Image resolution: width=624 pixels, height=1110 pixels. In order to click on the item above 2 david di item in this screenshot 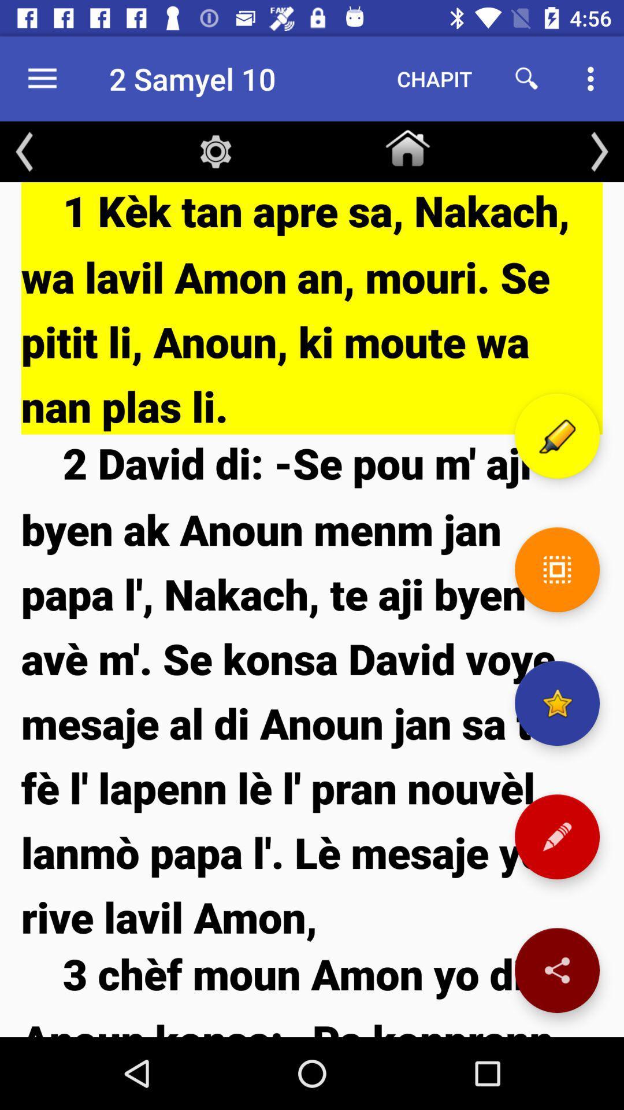, I will do `click(312, 308)`.